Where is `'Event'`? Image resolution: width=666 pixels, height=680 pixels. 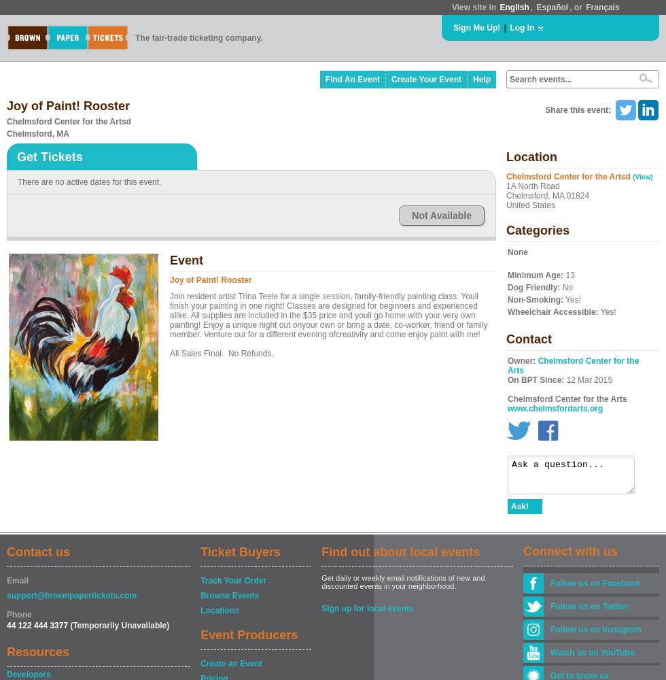
'Event' is located at coordinates (186, 260).